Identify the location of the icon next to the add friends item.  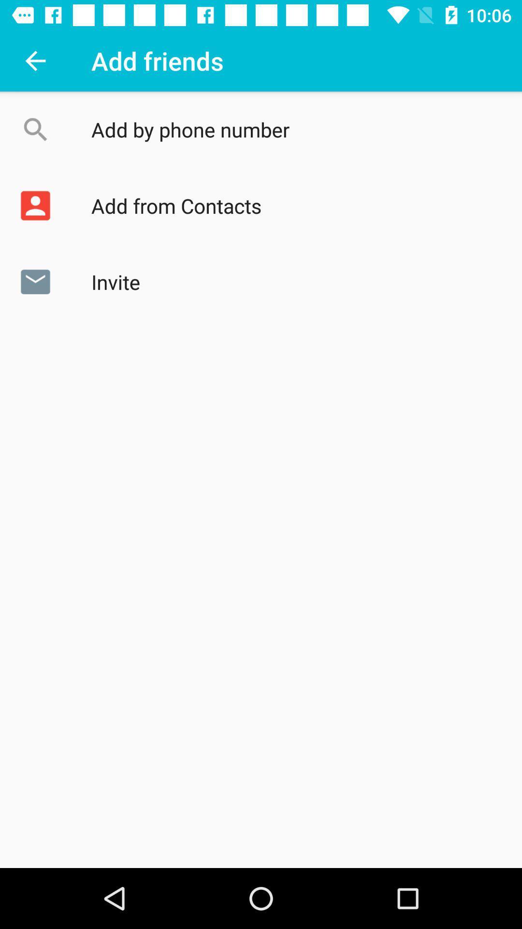
(35, 60).